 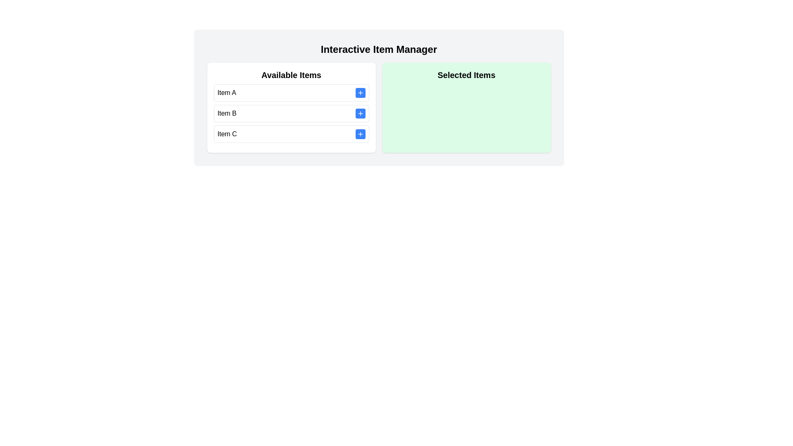 What do you see at coordinates (466, 75) in the screenshot?
I see `the heading displaying 'Selected Items' which is styled with a bold font and located within a light green background box on the right side of the interface` at bounding box center [466, 75].